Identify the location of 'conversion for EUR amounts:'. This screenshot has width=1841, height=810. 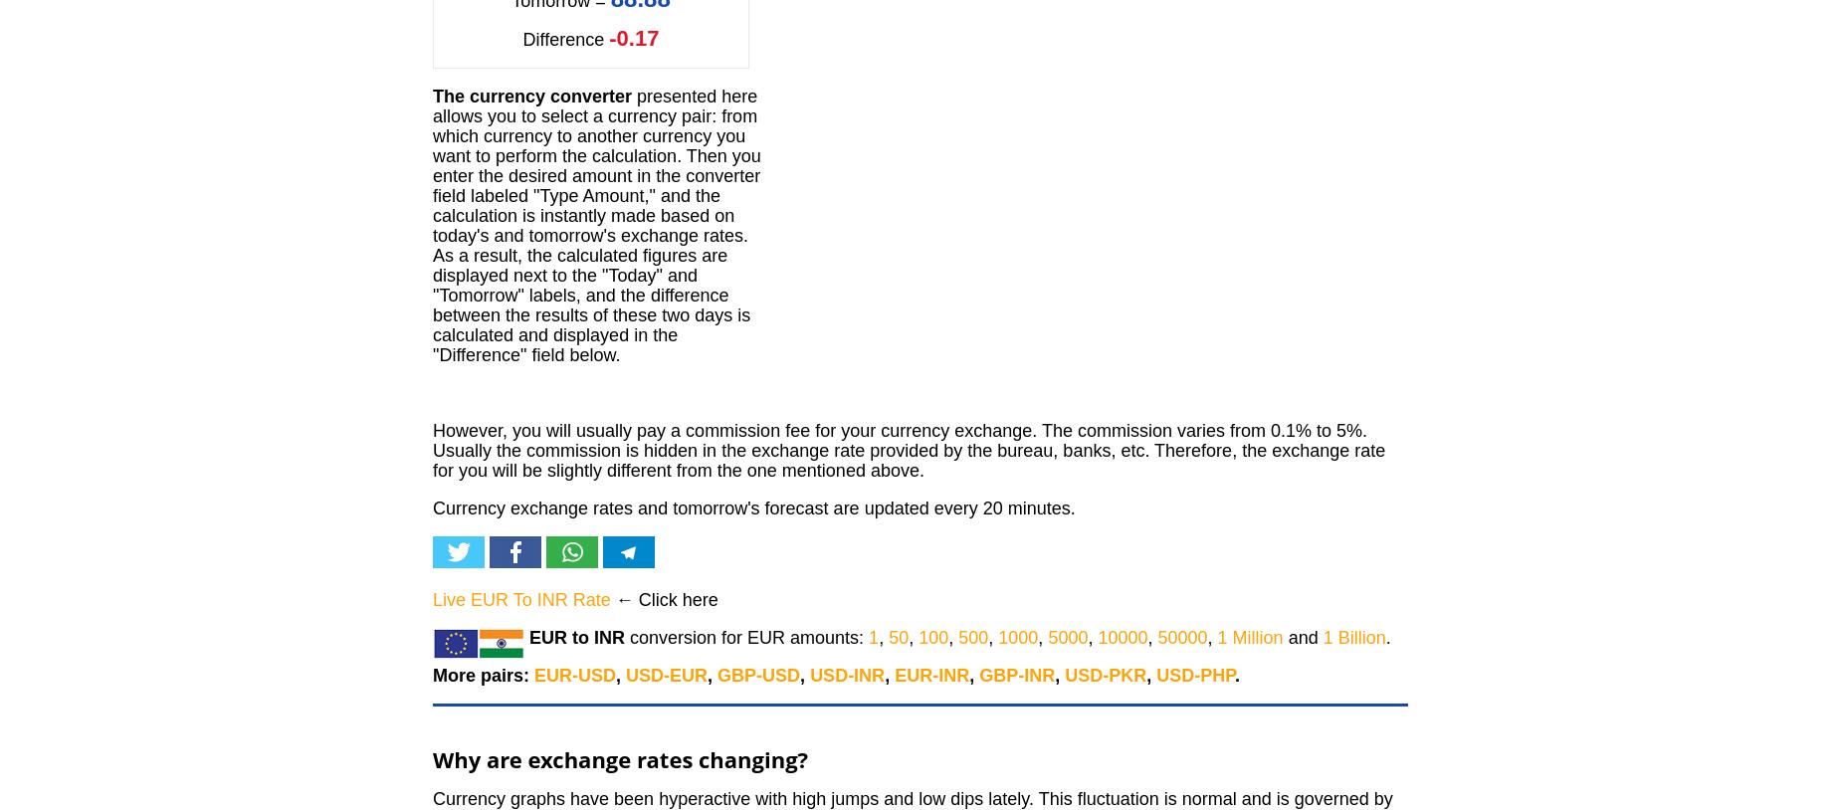
(625, 638).